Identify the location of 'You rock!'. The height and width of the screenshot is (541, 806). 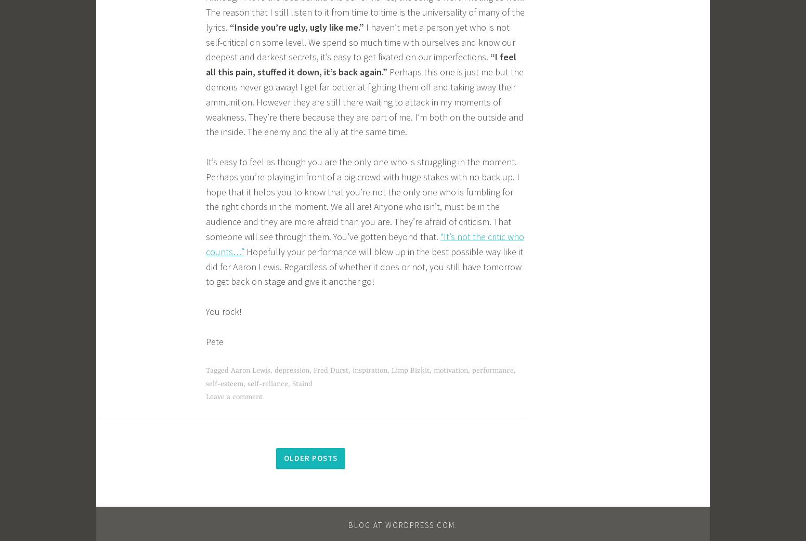
(224, 311).